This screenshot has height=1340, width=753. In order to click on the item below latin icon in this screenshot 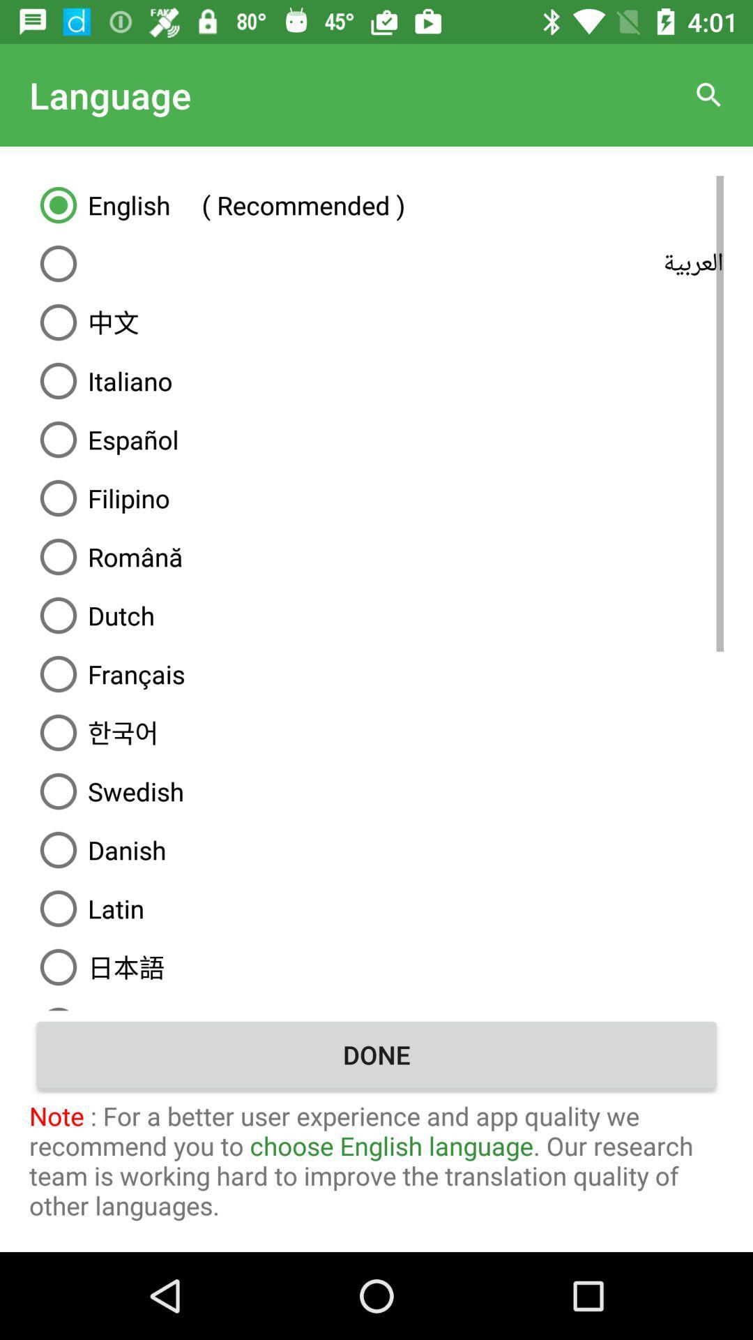, I will do `click(376, 967)`.